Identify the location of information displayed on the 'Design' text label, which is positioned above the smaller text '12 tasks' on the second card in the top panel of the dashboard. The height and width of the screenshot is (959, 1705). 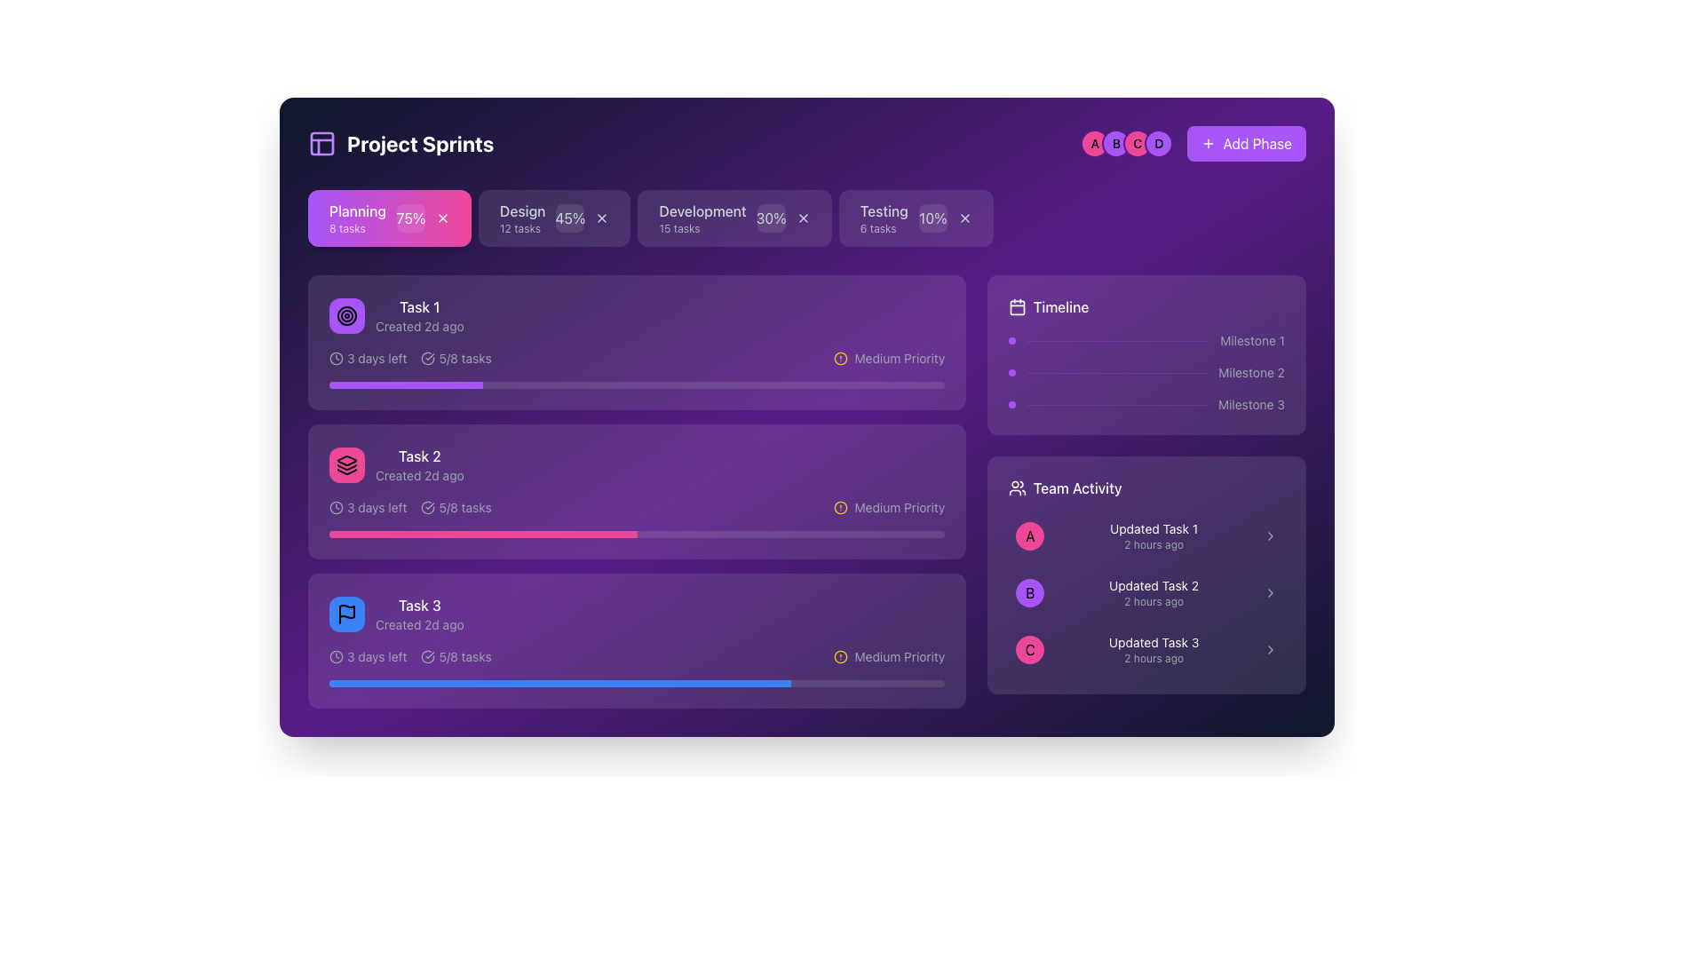
(521, 218).